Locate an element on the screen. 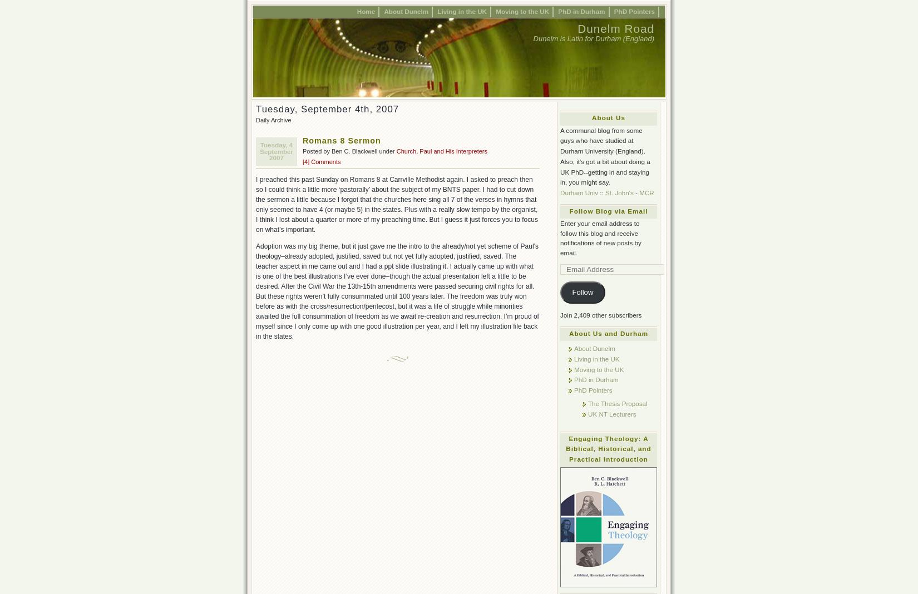 This screenshot has width=918, height=594. 'MCR' is located at coordinates (646, 192).